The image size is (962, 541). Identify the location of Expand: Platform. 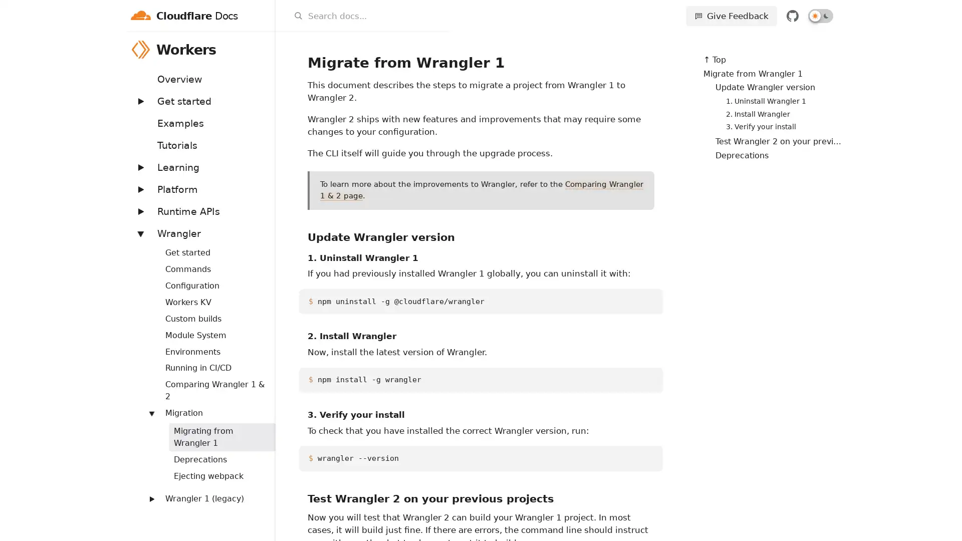
(139, 189).